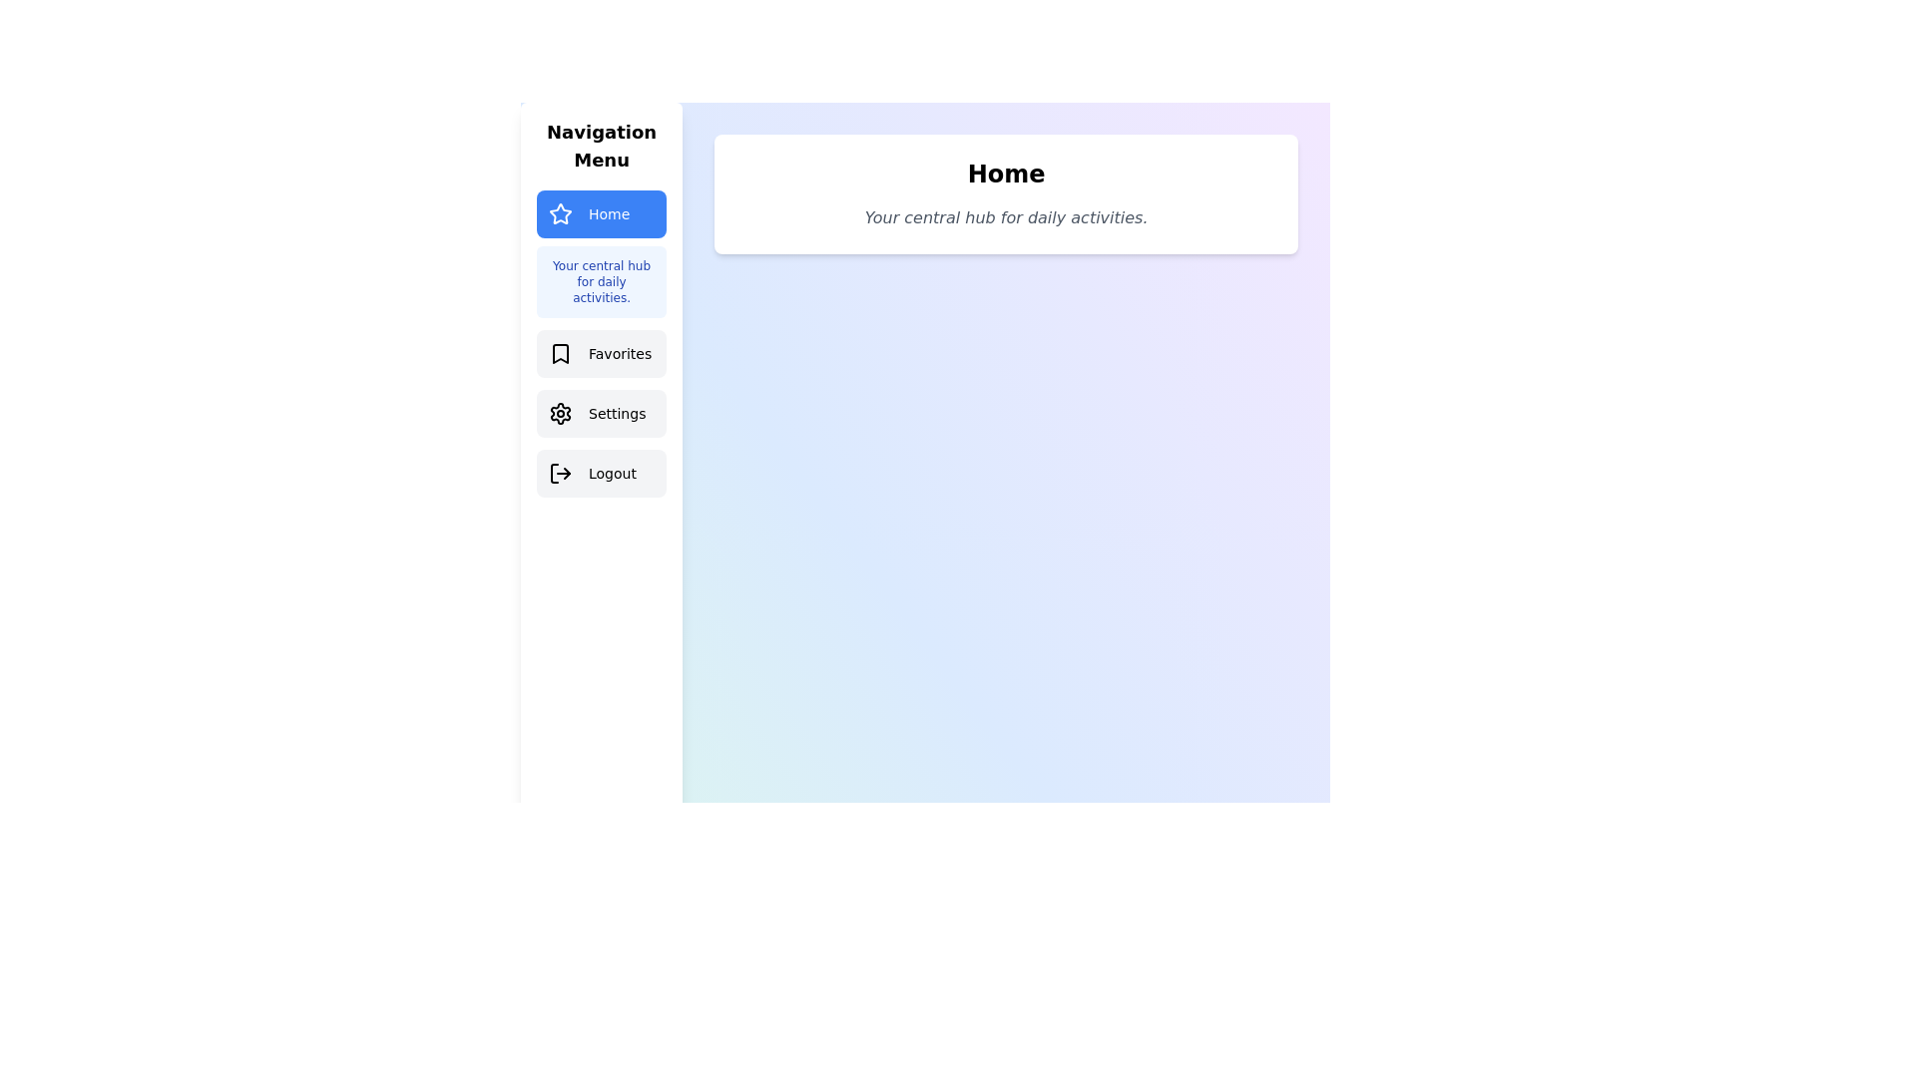  I want to click on the Settings tab from the navigation menu, so click(601, 413).